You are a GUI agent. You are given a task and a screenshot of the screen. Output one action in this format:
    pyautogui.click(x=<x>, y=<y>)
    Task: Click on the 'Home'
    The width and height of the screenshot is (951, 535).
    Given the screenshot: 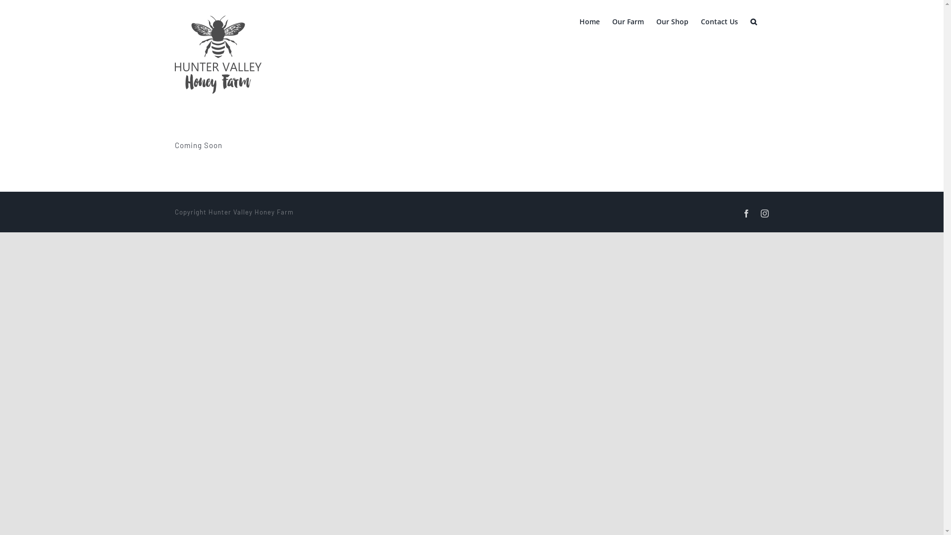 What is the action you would take?
    pyautogui.click(x=580, y=21)
    